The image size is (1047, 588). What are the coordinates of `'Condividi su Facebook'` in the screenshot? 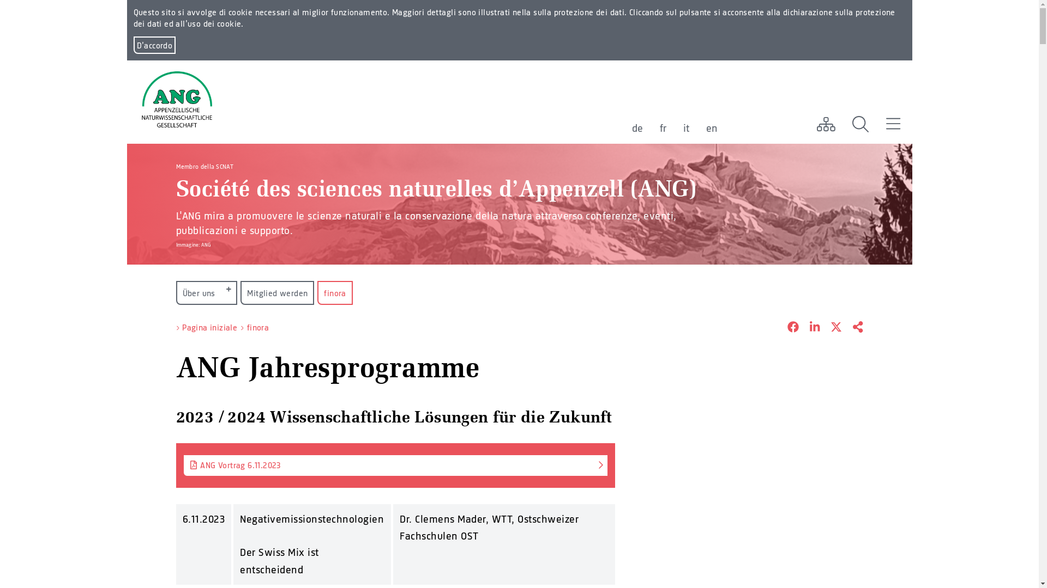 It's located at (776, 327).